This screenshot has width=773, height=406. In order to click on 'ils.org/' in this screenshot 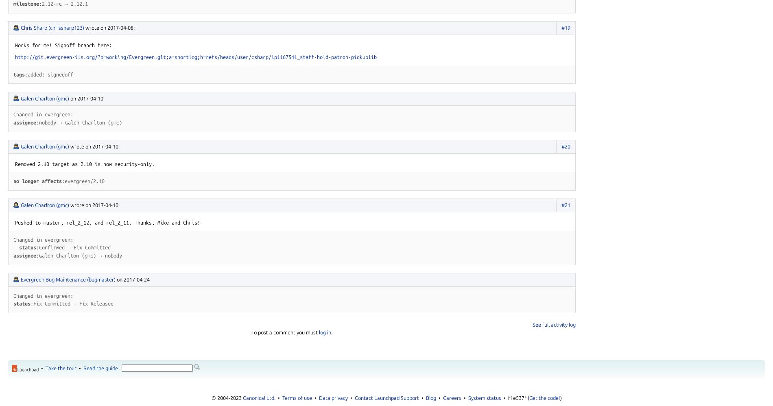, I will do `click(74, 57)`.